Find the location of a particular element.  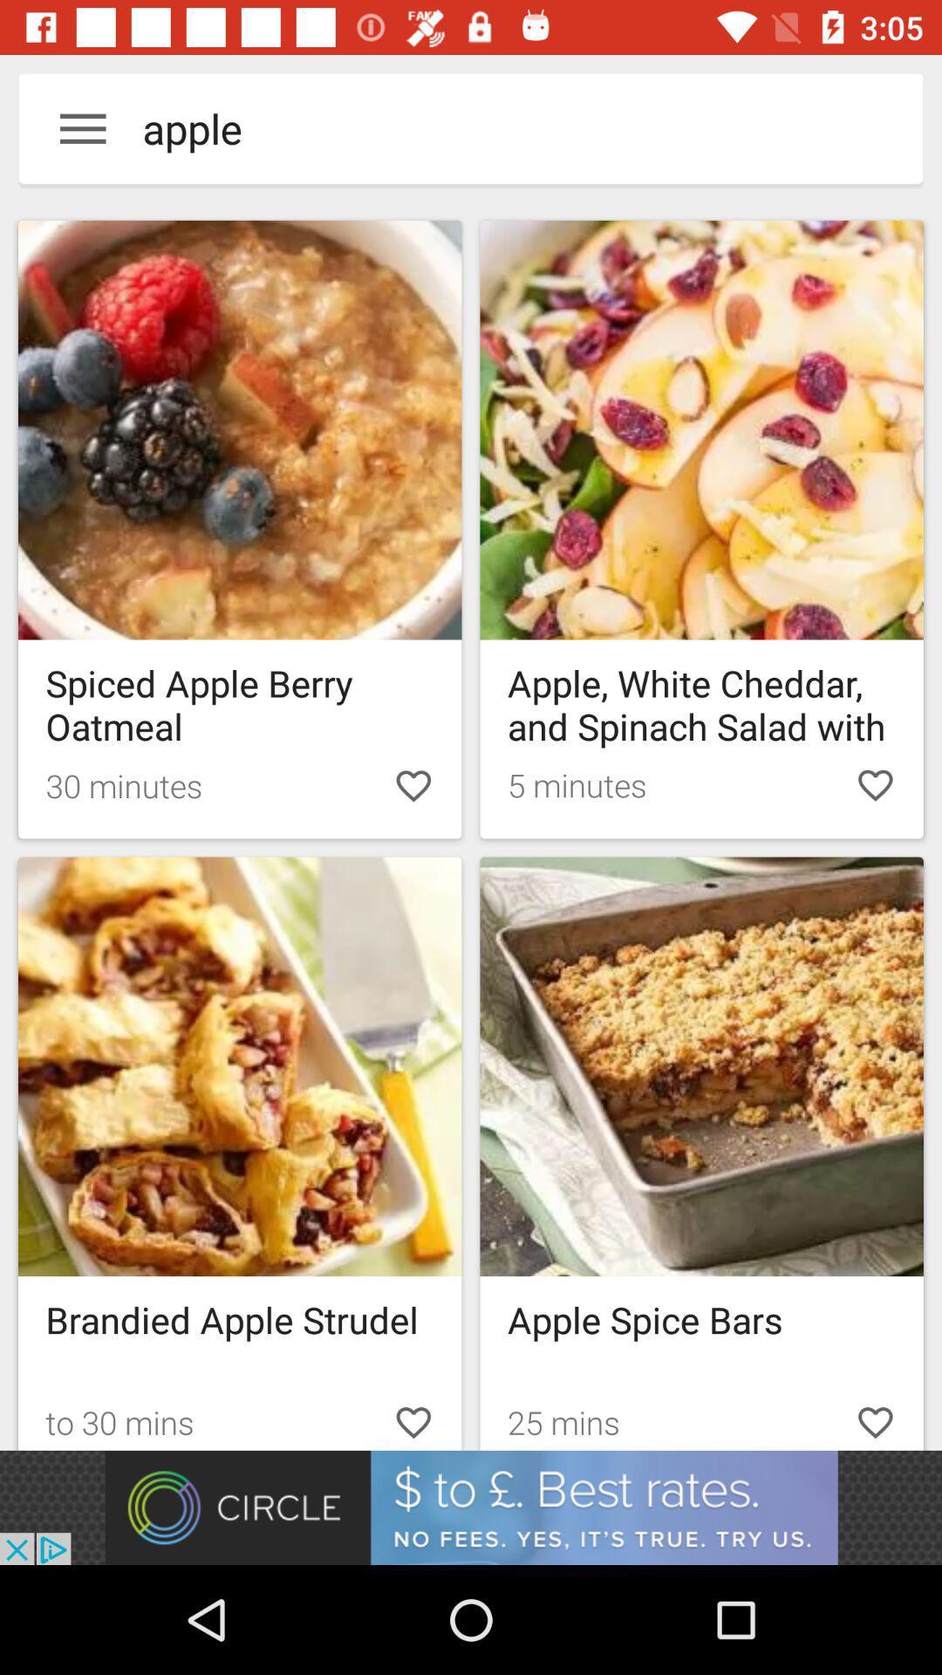

heart icon in third image is located at coordinates (413, 1419).